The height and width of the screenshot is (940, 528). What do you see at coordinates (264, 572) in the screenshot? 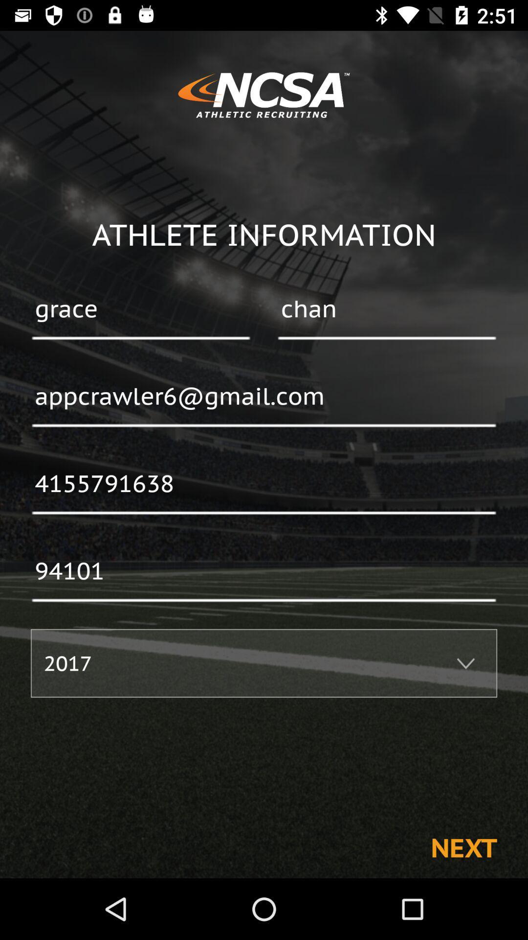
I see `item below the 4155791638 item` at bounding box center [264, 572].